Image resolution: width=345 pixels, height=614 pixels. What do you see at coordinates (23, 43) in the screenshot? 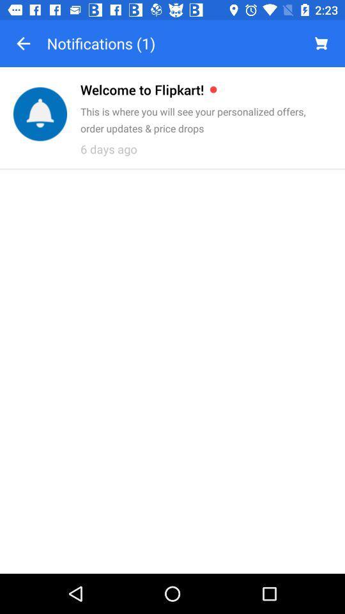
I see `the icon next to notifications (1)` at bounding box center [23, 43].